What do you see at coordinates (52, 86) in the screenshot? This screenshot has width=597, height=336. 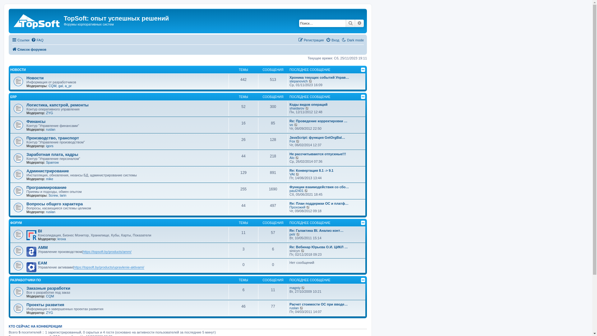 I see `'CQM'` at bounding box center [52, 86].